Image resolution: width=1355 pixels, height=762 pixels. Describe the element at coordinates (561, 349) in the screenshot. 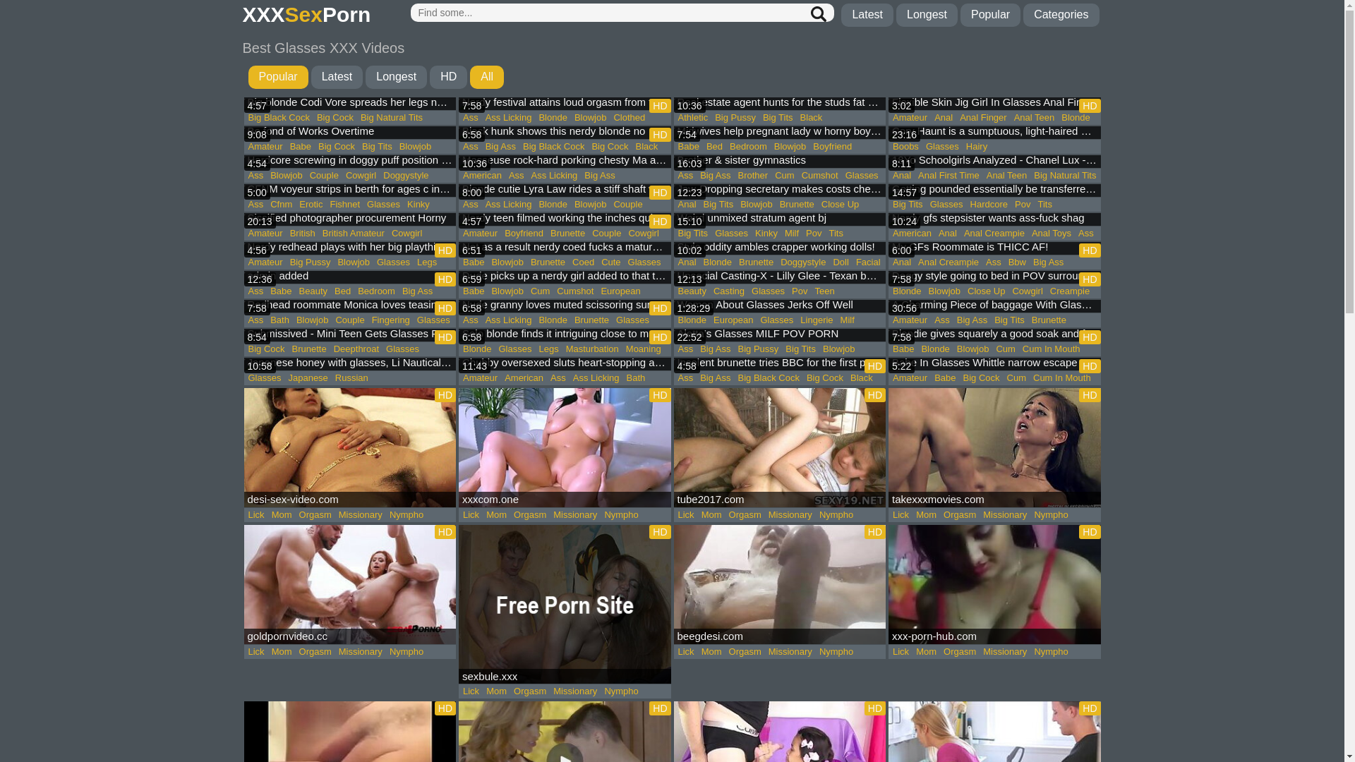

I see `'Masturbation'` at that location.